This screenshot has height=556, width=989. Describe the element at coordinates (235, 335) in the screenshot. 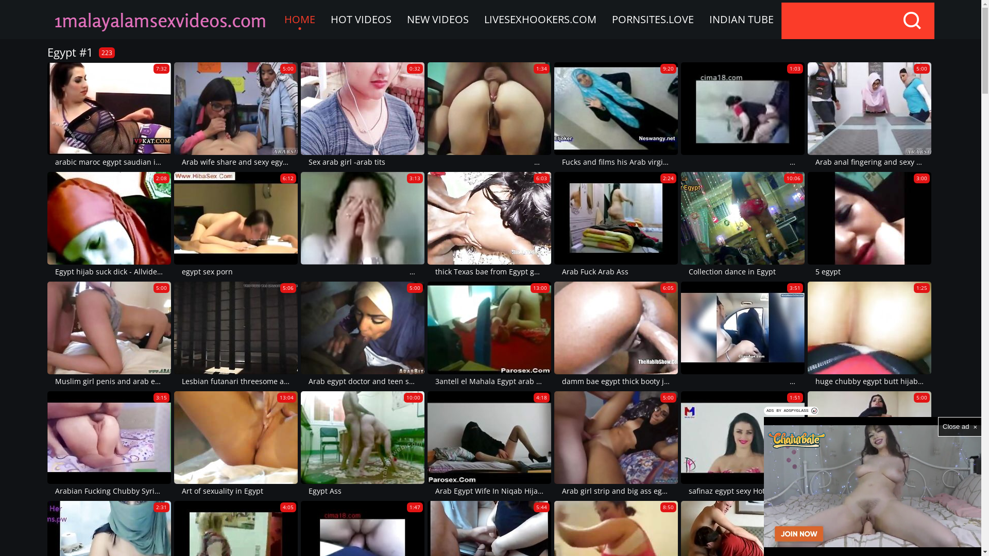

I see `'5:06` at that location.